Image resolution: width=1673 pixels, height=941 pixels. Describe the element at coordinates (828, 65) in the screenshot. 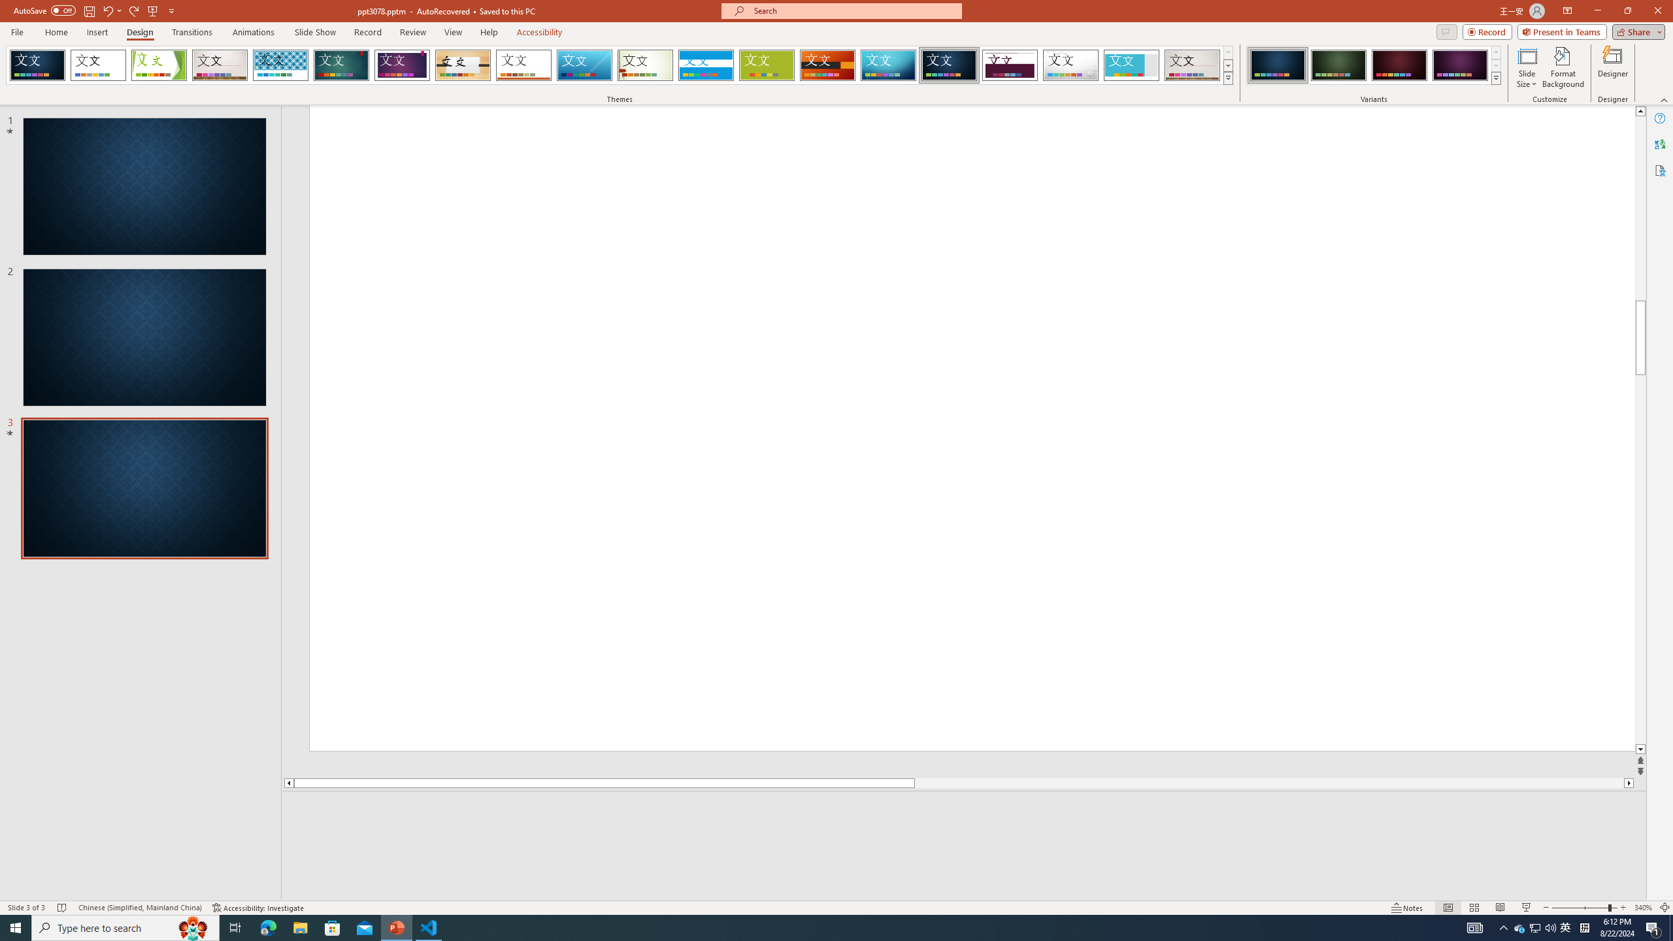

I see `'Berlin'` at that location.